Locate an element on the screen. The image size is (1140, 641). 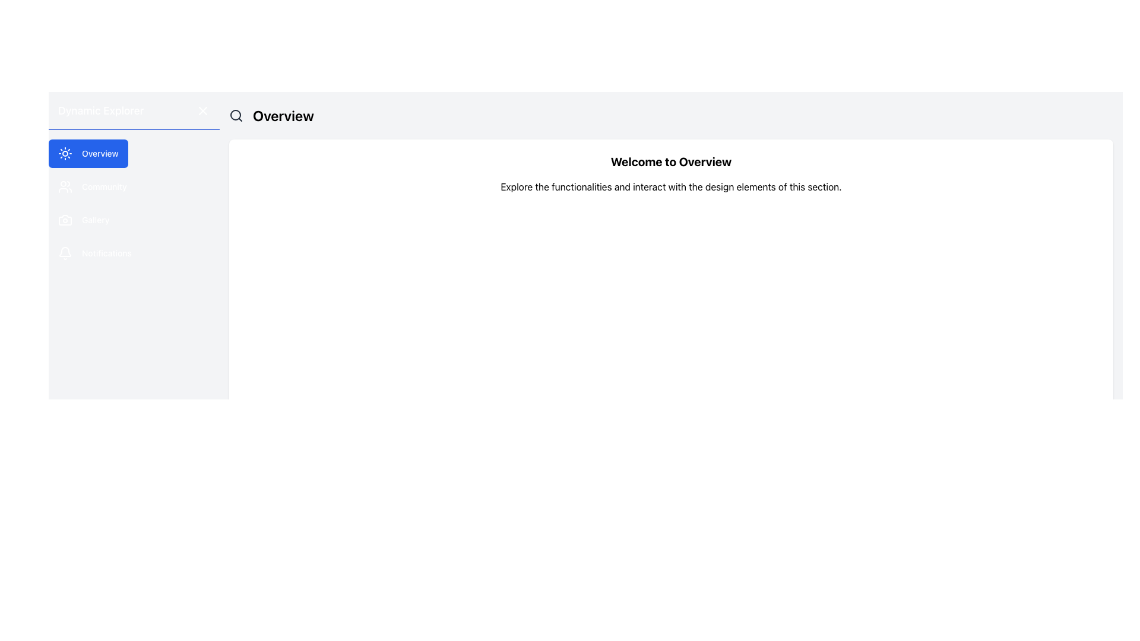
the Icon button located in the upper section of the interface, aligned horizontally with the text 'Overview', which serves as a visual cue for a search feature is located at coordinates (236, 116).